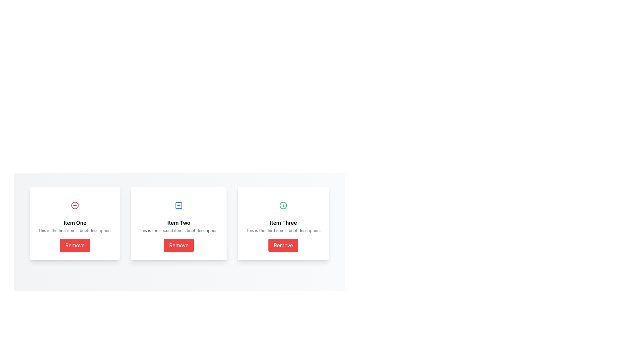  I want to click on the icon located at the top-center of the 'Item Three' card, which symbolizes information related to the card content, so click(283, 205).